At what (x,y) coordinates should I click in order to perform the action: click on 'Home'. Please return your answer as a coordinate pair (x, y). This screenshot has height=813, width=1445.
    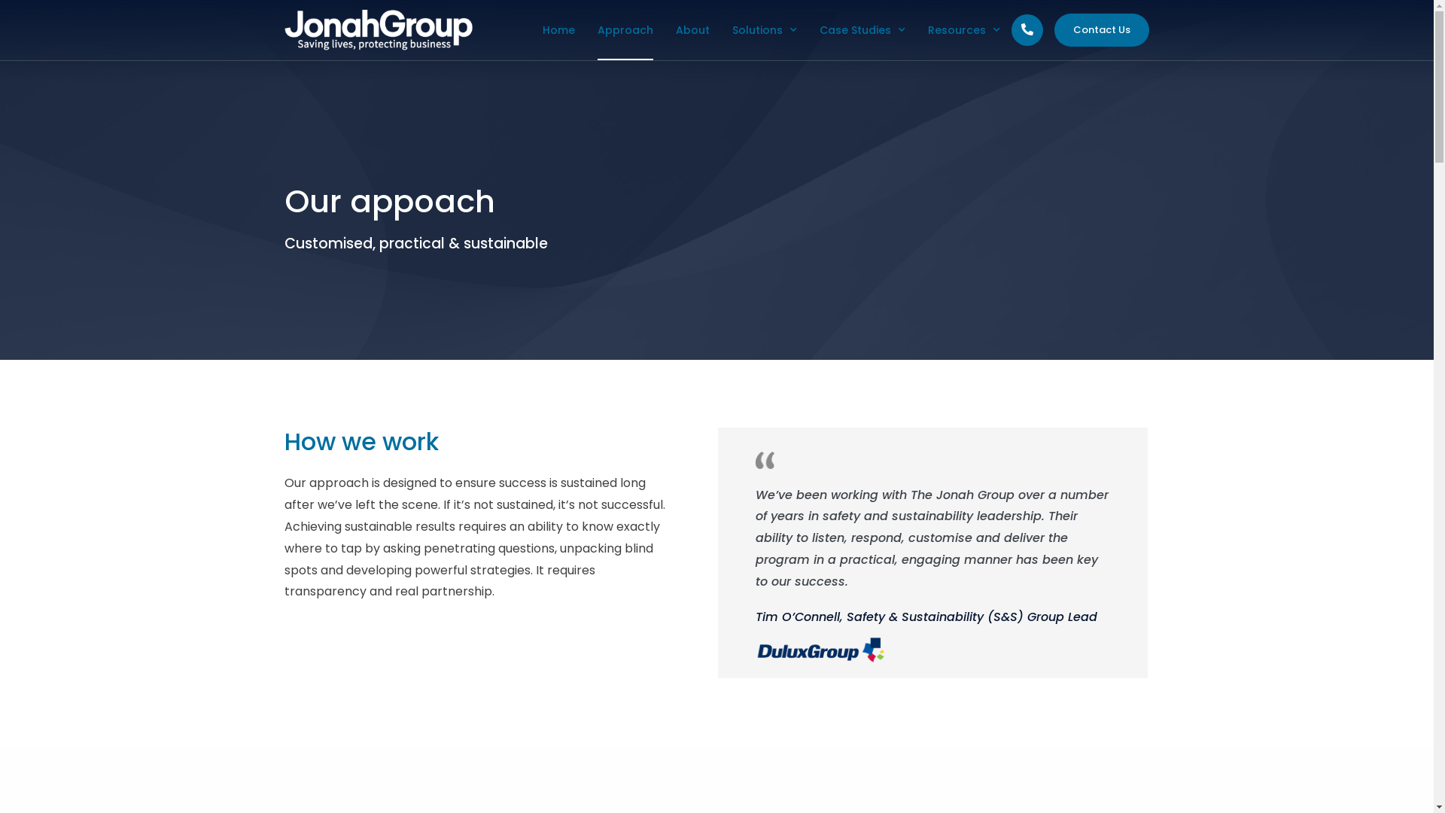
    Looking at the image, I should click on (558, 29).